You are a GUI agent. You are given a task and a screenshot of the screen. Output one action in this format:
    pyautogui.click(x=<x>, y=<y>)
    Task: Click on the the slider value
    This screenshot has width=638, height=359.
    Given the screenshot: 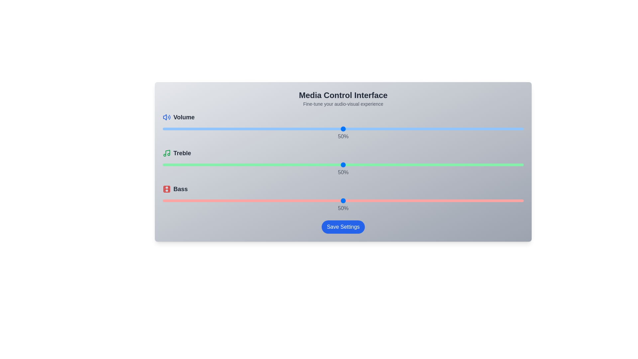 What is the action you would take?
    pyautogui.click(x=343, y=165)
    